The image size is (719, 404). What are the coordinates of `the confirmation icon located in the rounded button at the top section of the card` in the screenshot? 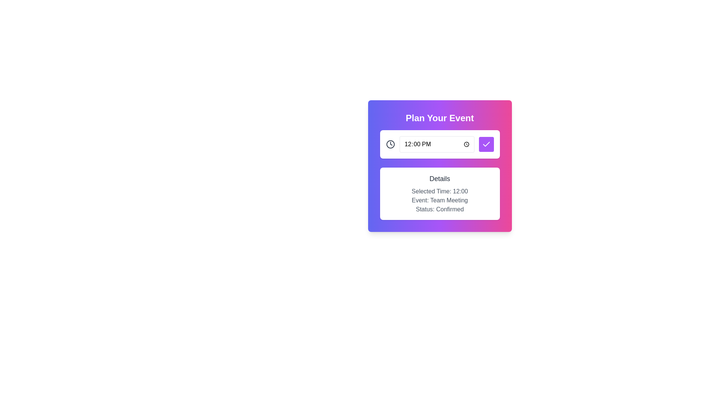 It's located at (486, 144).